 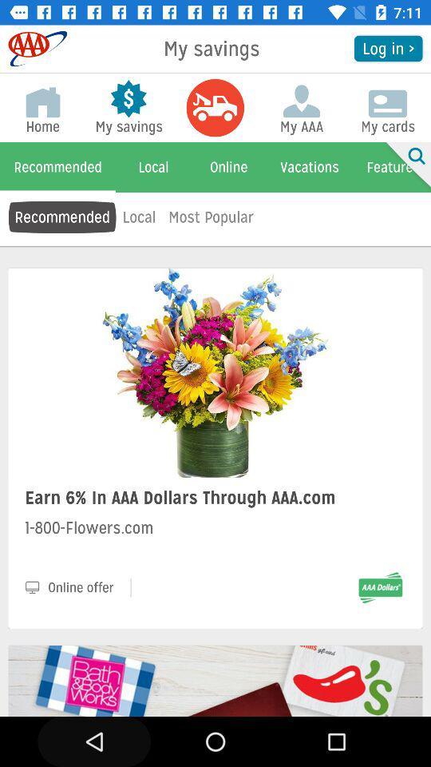 I want to click on log in > icon, so click(x=387, y=47).